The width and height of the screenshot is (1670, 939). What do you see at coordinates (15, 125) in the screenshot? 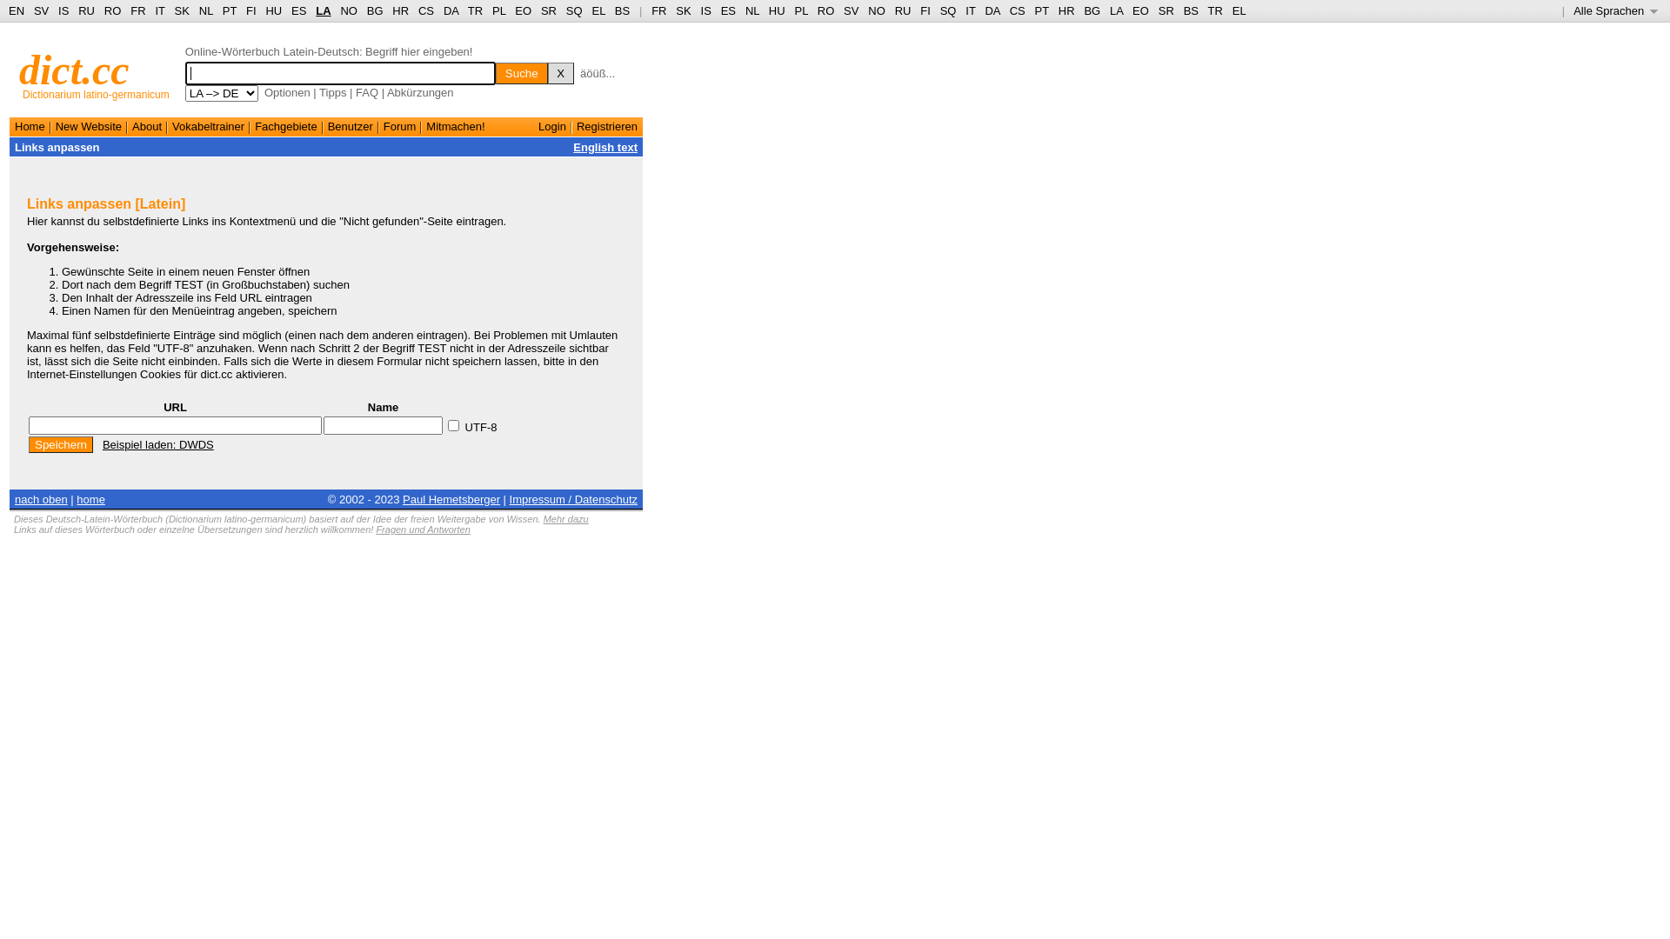
I see `'Home'` at bounding box center [15, 125].